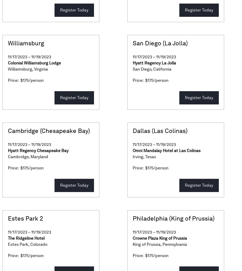  What do you see at coordinates (8, 151) in the screenshot?
I see `'Hyatt Regency Chesapeake Bay'` at bounding box center [8, 151].